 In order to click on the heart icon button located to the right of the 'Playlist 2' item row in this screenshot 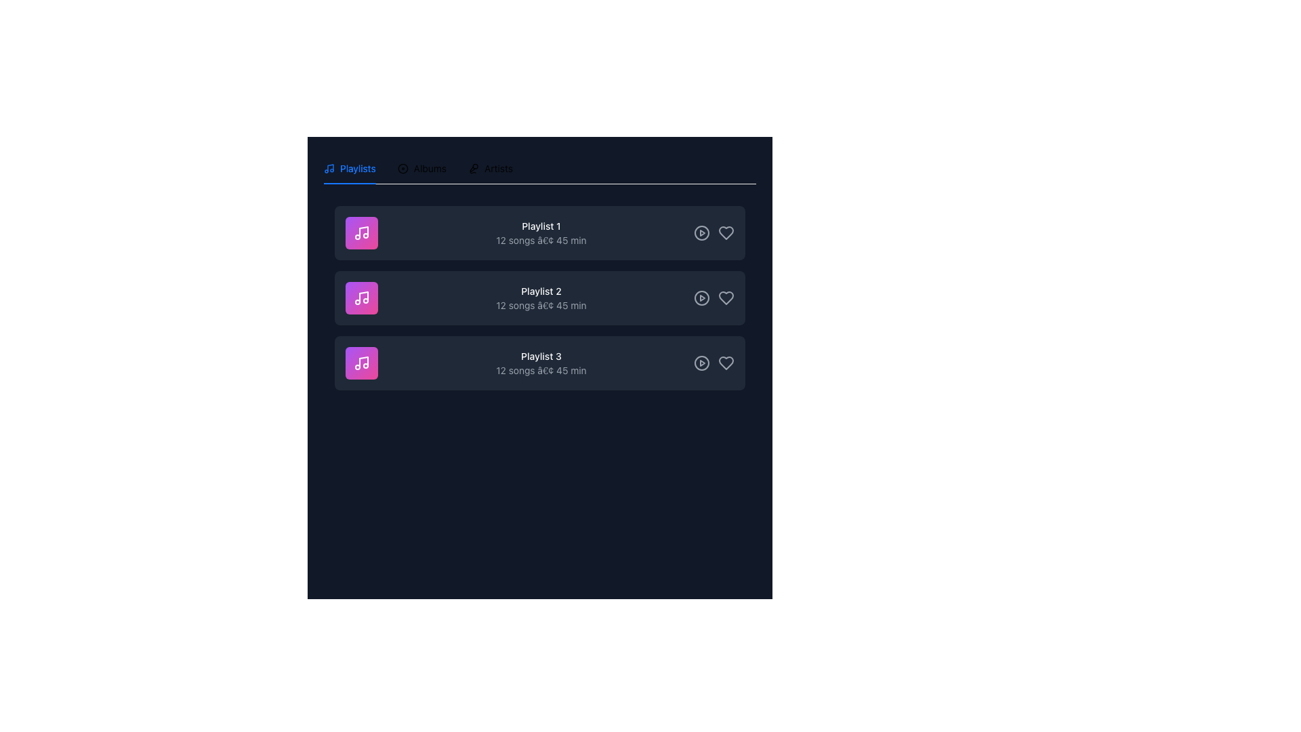, I will do `click(725, 297)`.